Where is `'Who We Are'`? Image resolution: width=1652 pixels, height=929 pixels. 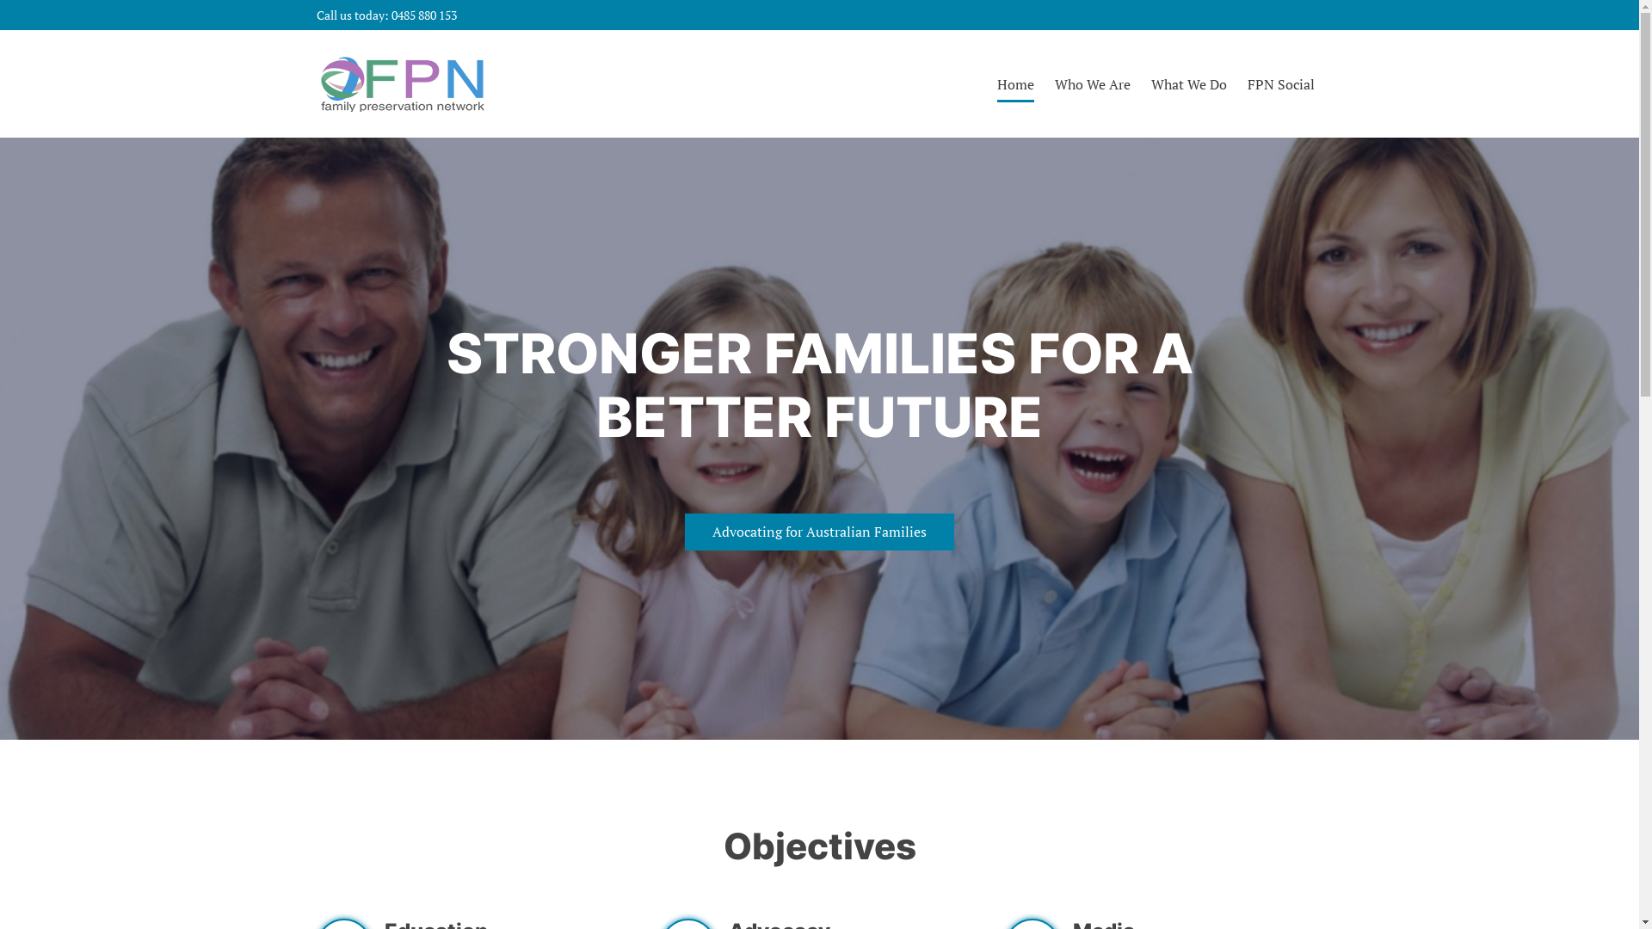
'Who We Are' is located at coordinates (1092, 83).